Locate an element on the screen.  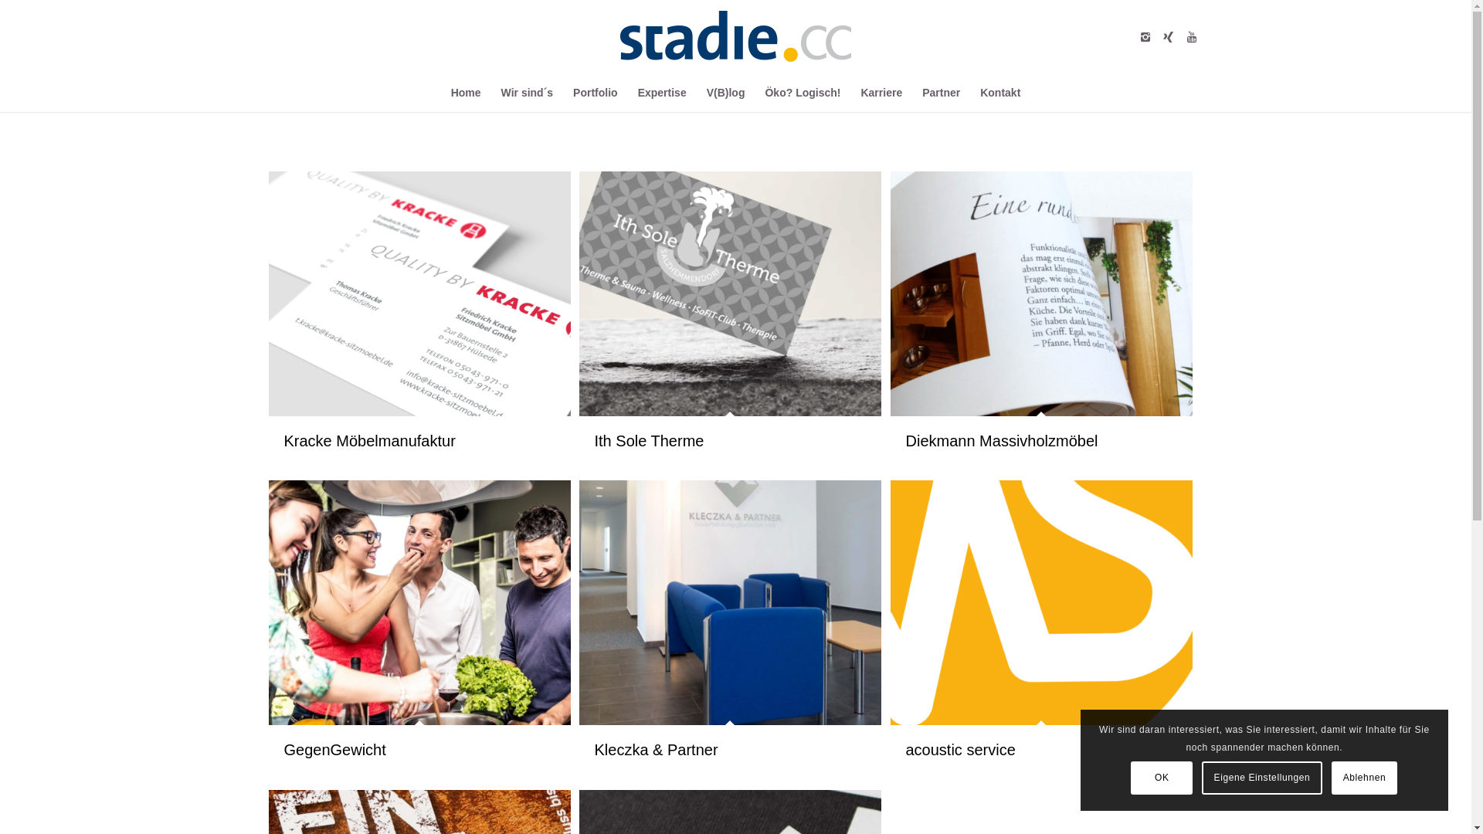
'Ablehnen' is located at coordinates (1364, 777).